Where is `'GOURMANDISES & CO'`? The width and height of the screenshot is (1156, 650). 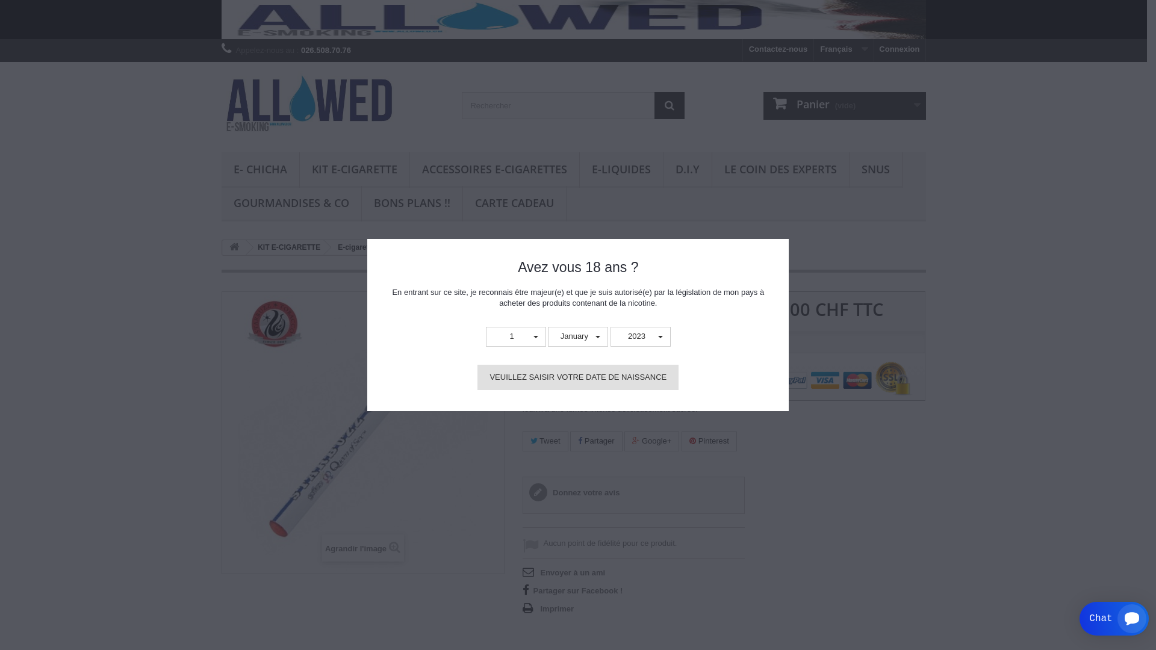
'GOURMANDISES & CO' is located at coordinates (291, 203).